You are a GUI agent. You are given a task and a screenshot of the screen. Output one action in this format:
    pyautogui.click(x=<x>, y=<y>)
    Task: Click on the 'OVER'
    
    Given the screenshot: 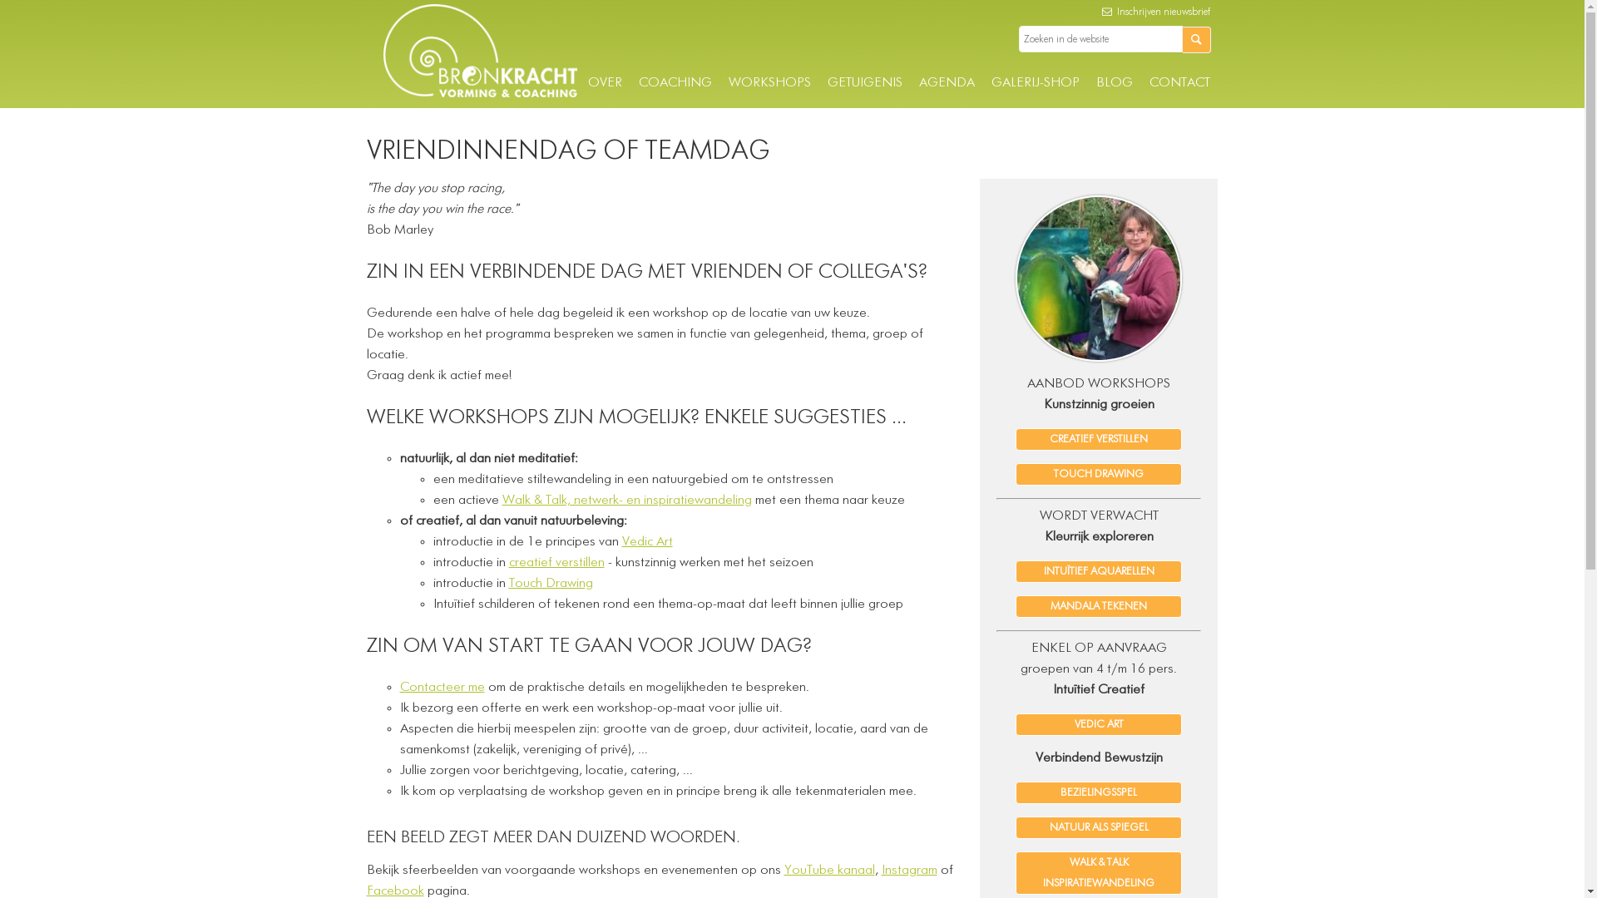 What is the action you would take?
    pyautogui.click(x=603, y=83)
    